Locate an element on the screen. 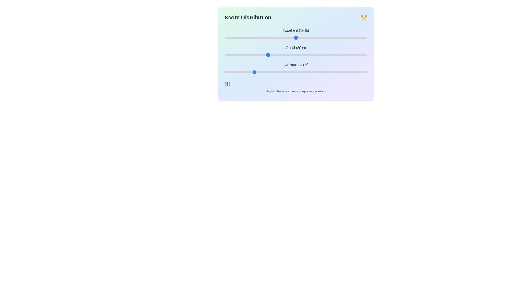 Image resolution: width=518 pixels, height=291 pixels. the slider for the 'Good' category to 40% is located at coordinates (281, 55).